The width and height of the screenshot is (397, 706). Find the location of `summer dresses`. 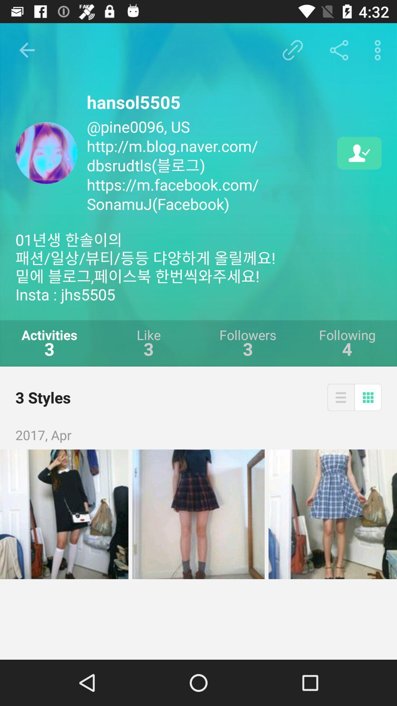

summer dresses is located at coordinates (333, 514).